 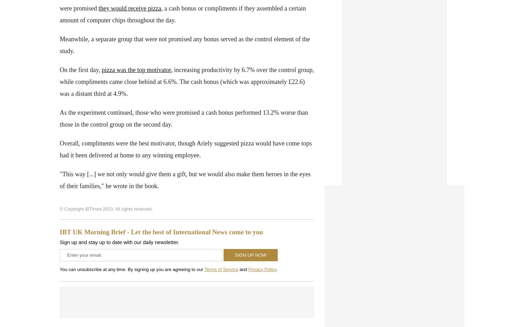 What do you see at coordinates (242, 269) in the screenshot?
I see `'and'` at bounding box center [242, 269].